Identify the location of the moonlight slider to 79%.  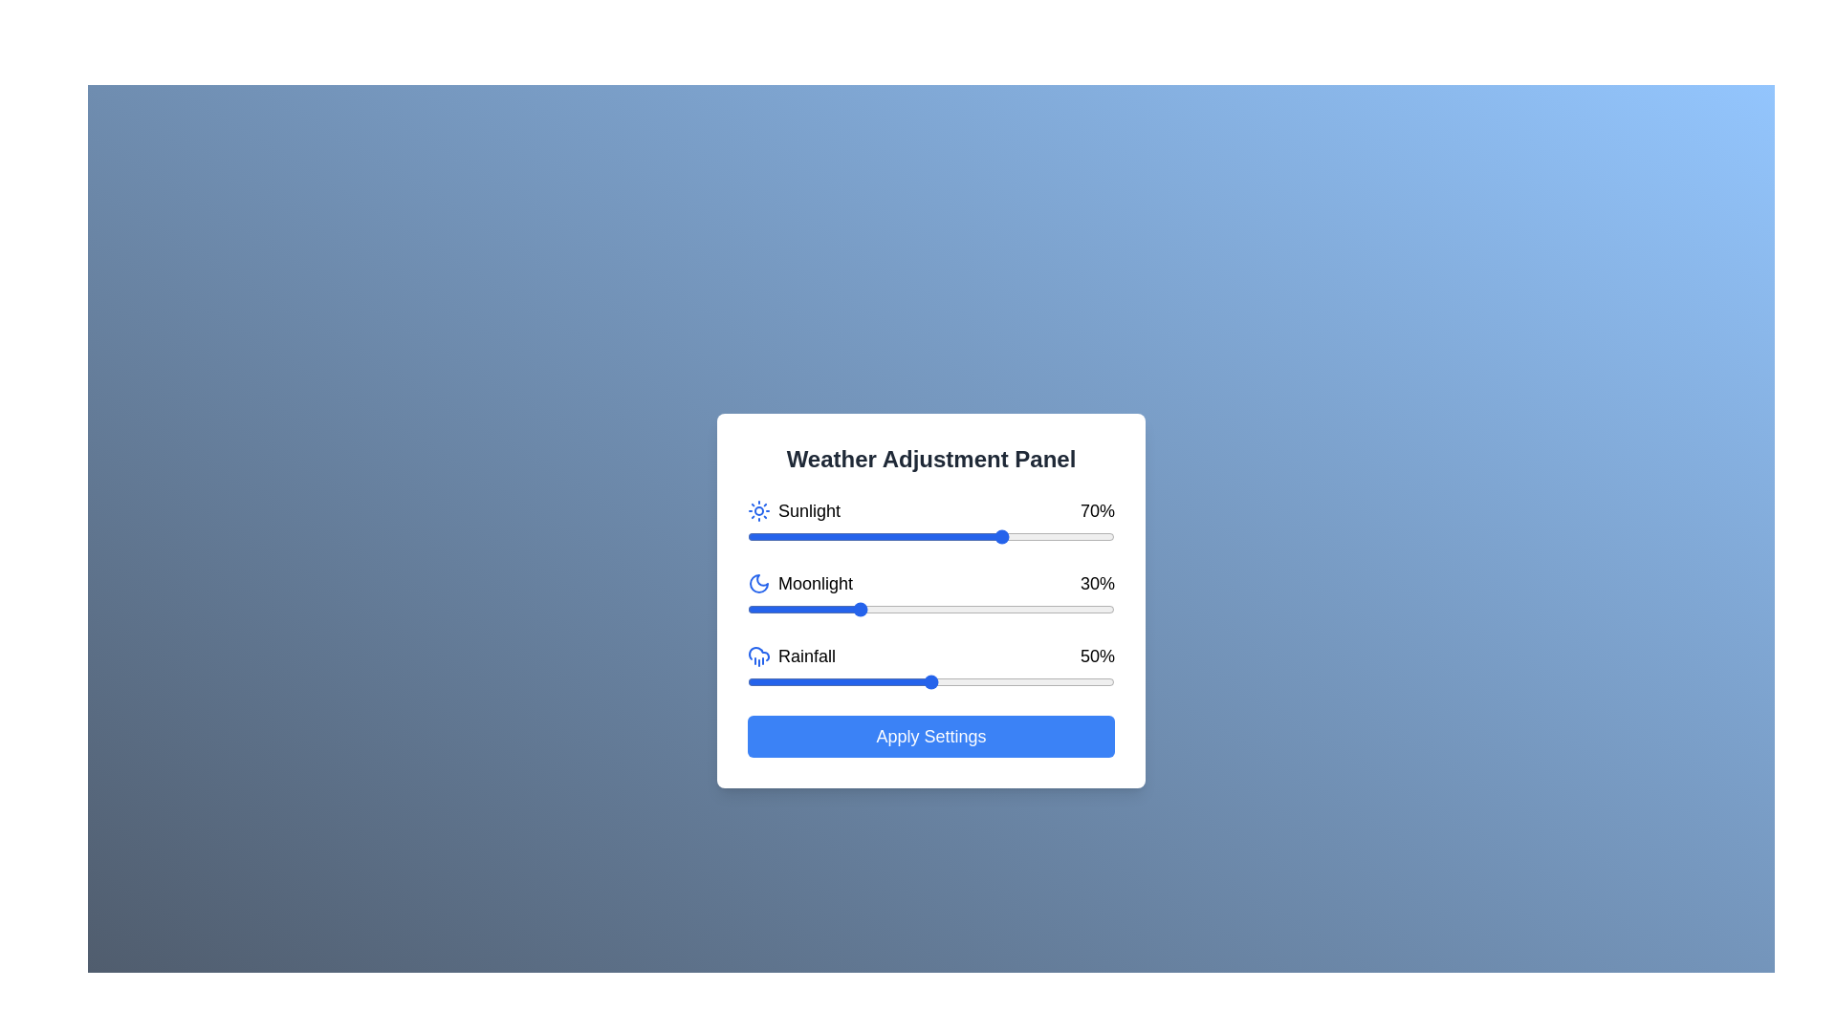
(1037, 609).